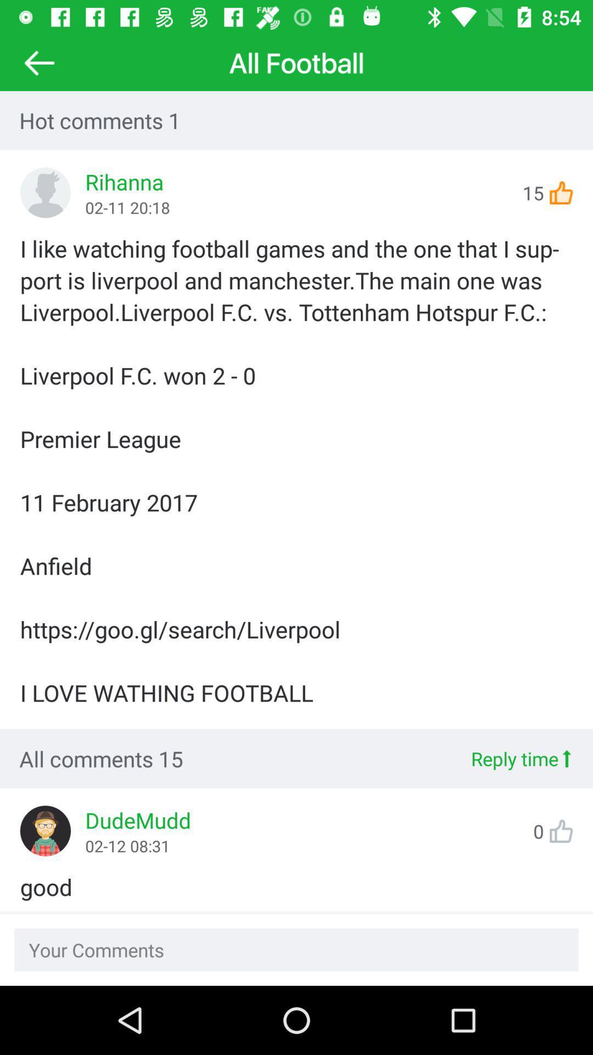 This screenshot has height=1055, width=593. I want to click on the arrow_backward icon, so click(38, 62).